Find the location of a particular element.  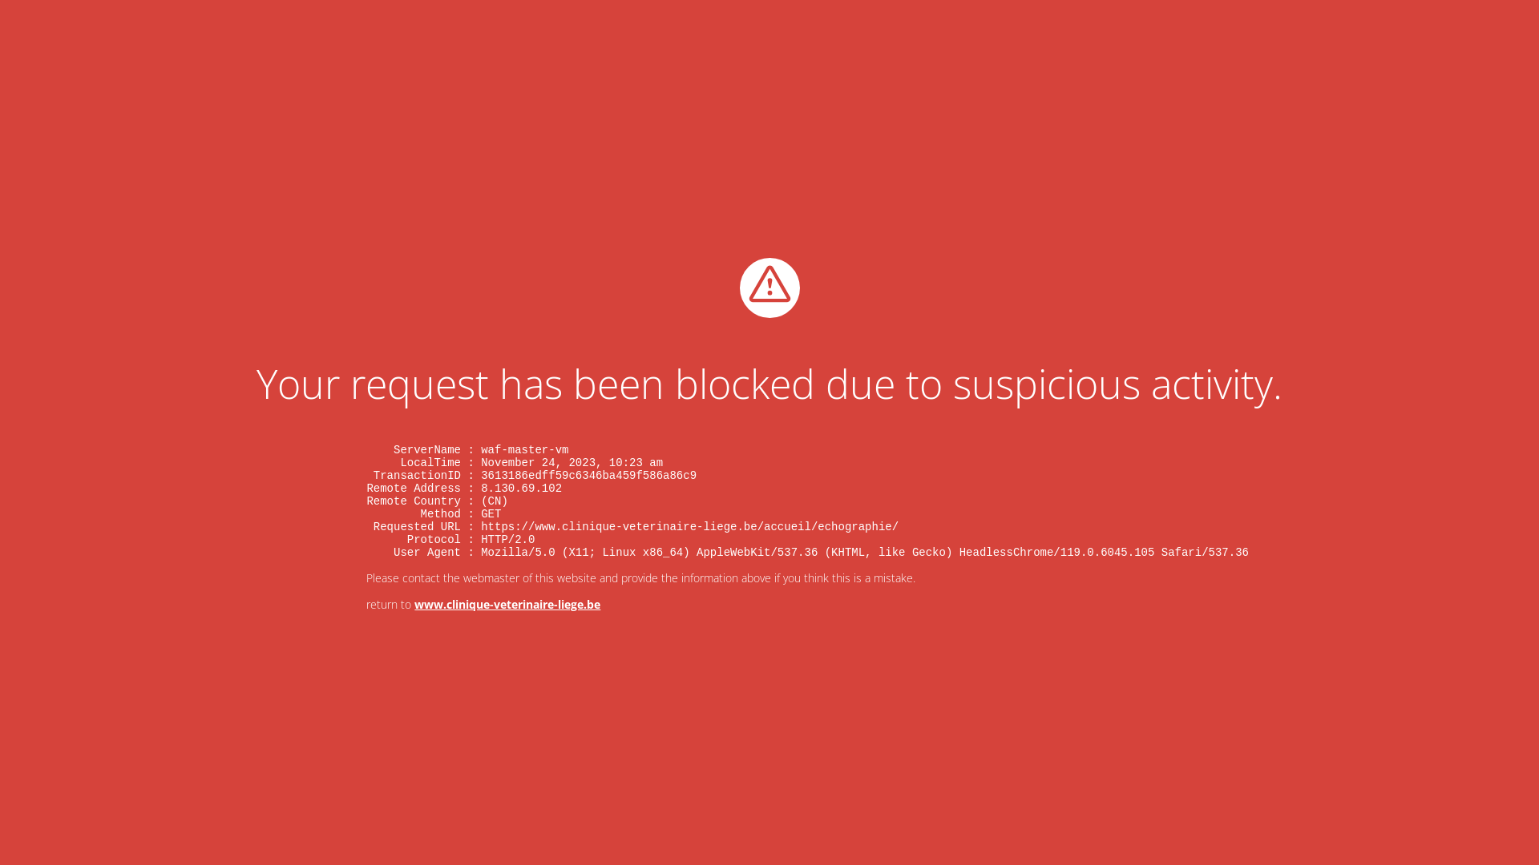

'www.clinique-veterinaire-liege.be' is located at coordinates (507, 604).